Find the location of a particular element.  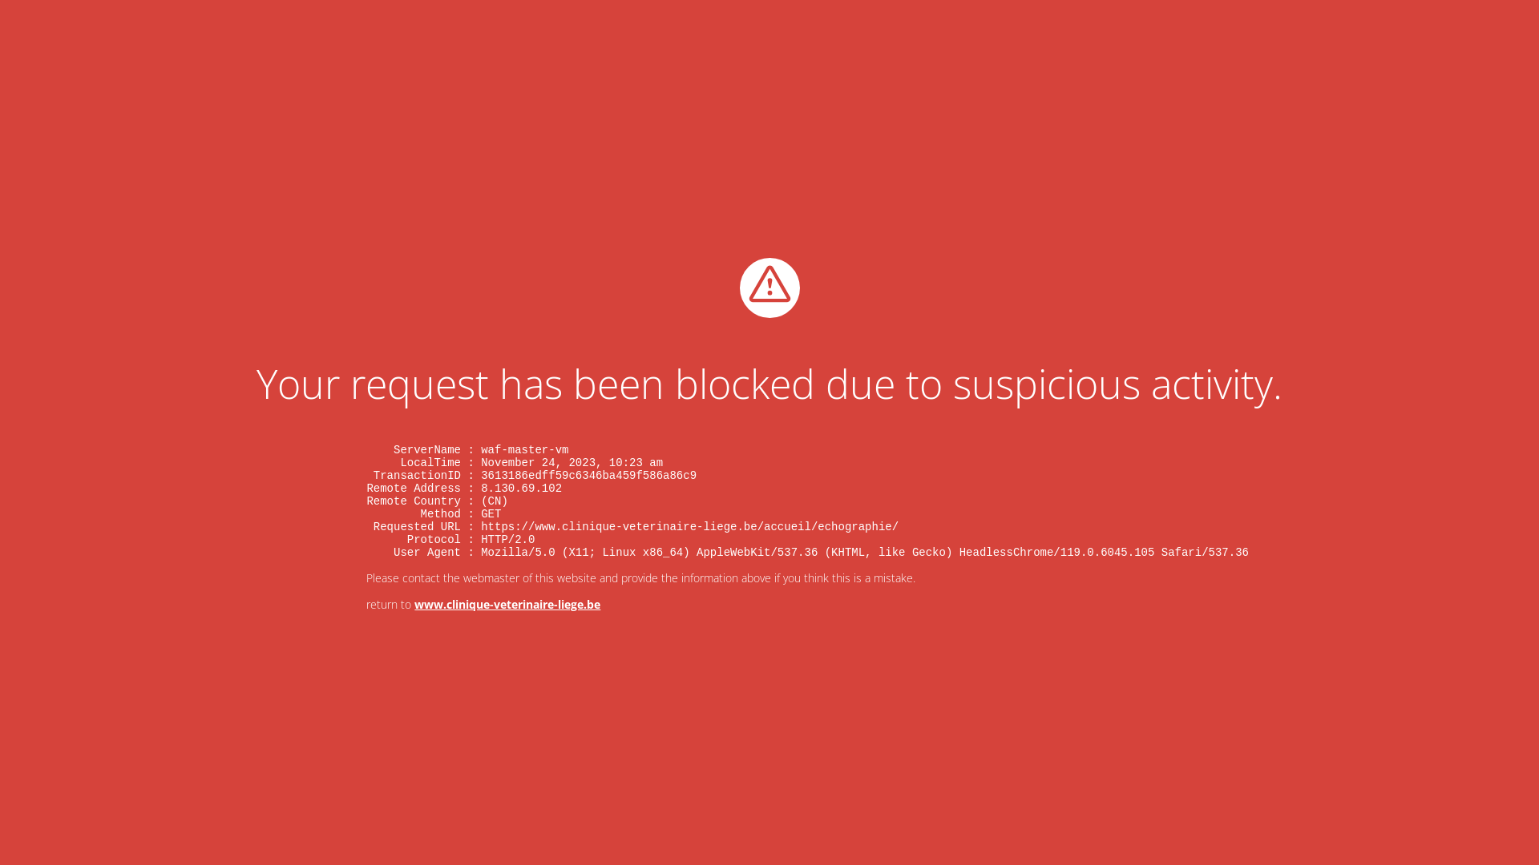

'www.clinique-veterinaire-liege.be' is located at coordinates (507, 604).